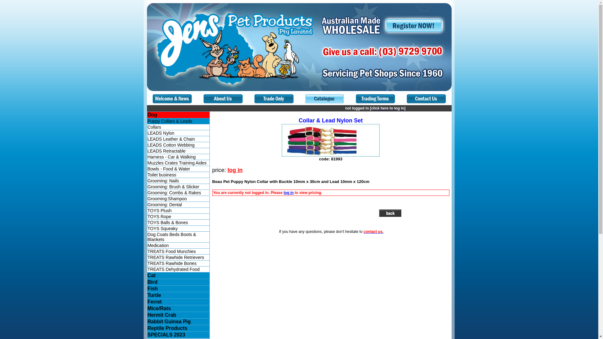 This screenshot has height=339, width=603. Describe the element at coordinates (235, 170) in the screenshot. I see `'log in'` at that location.